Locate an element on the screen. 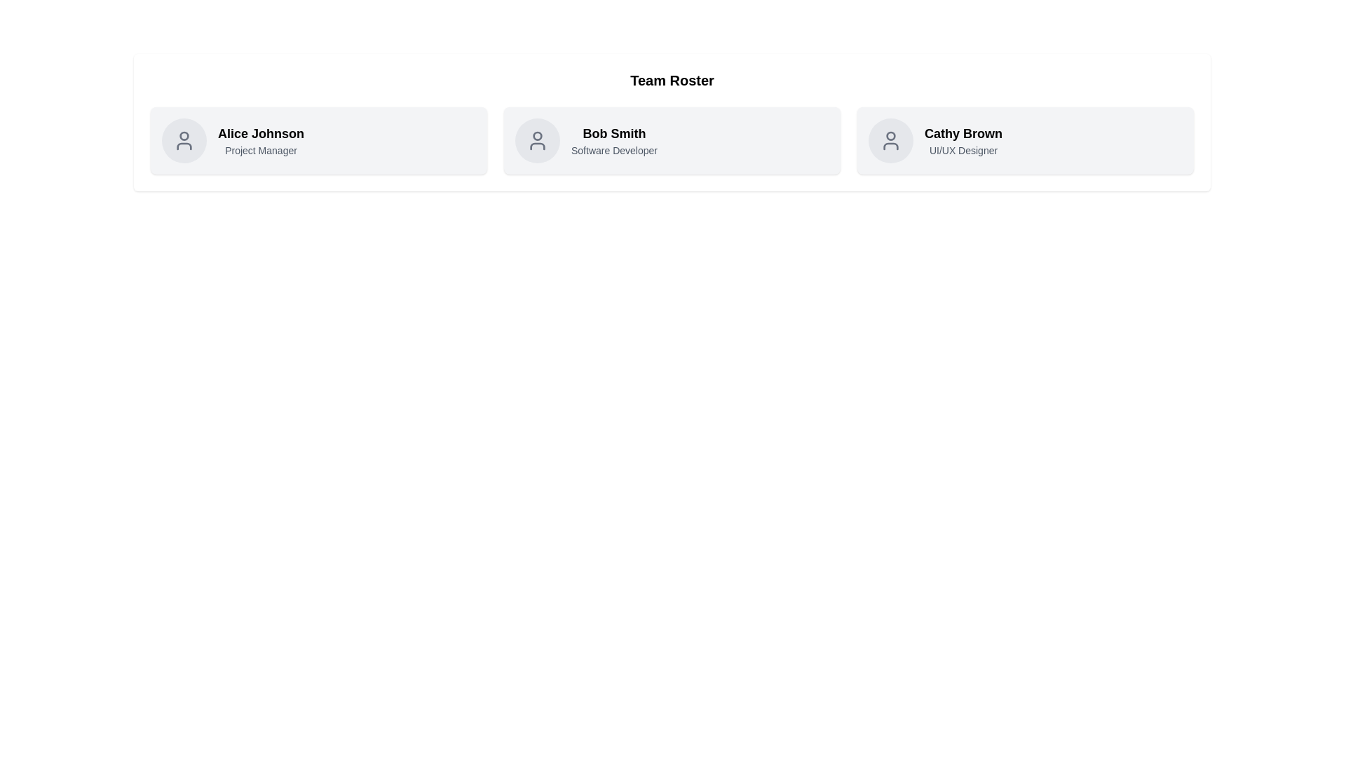 Image resolution: width=1346 pixels, height=757 pixels. the static text label that indicates the role or designation of 'Alice Johnson' located directly beneath her name in the first profile card is located at coordinates (261, 151).